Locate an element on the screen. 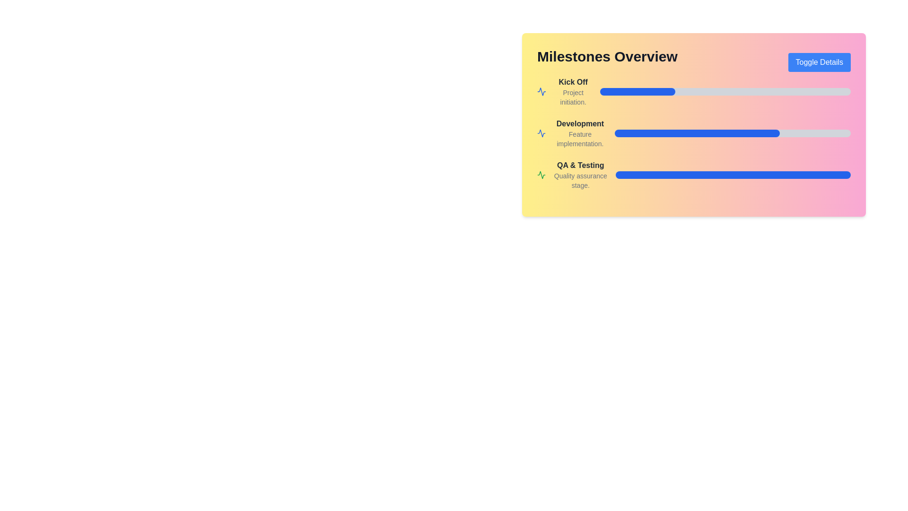 The width and height of the screenshot is (908, 511). the progress level of the first progress bar located to the right of the 'Kick Off' milestone descriptor text, which has a light gray background and a blue filled portion is located at coordinates (725, 91).